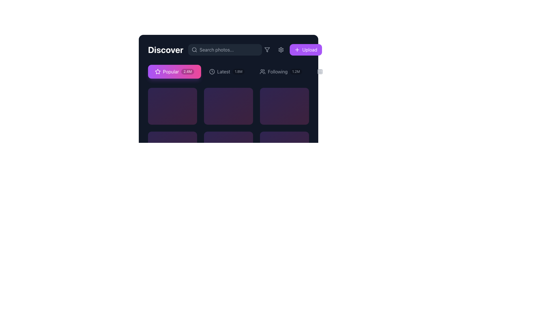 Image resolution: width=554 pixels, height=311 pixels. Describe the element at coordinates (171, 71) in the screenshot. I see `the button labeled 'Popular' which indicates its popularity selection functionality, located to the right of a star-shaped icon and left of the text '2.4M'` at that location.